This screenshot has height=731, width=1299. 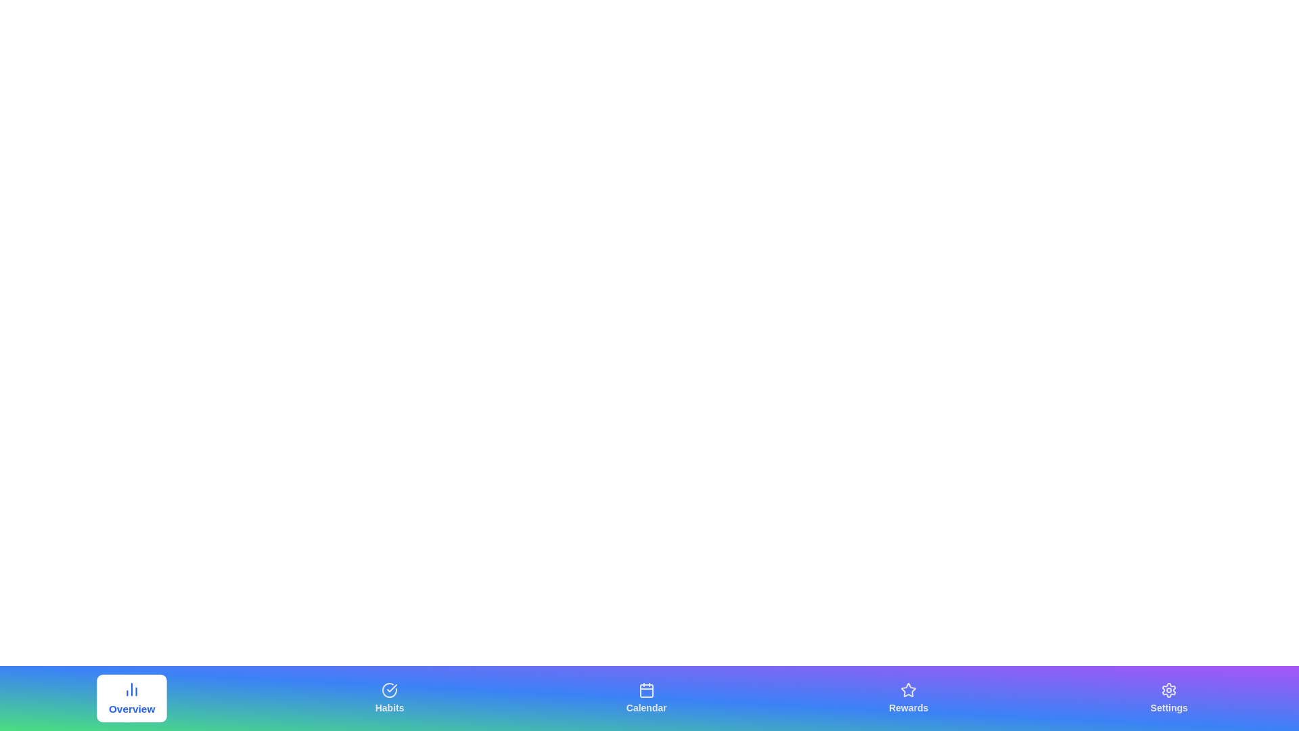 I want to click on the Settings button to navigate to the corresponding tab, so click(x=1168, y=699).